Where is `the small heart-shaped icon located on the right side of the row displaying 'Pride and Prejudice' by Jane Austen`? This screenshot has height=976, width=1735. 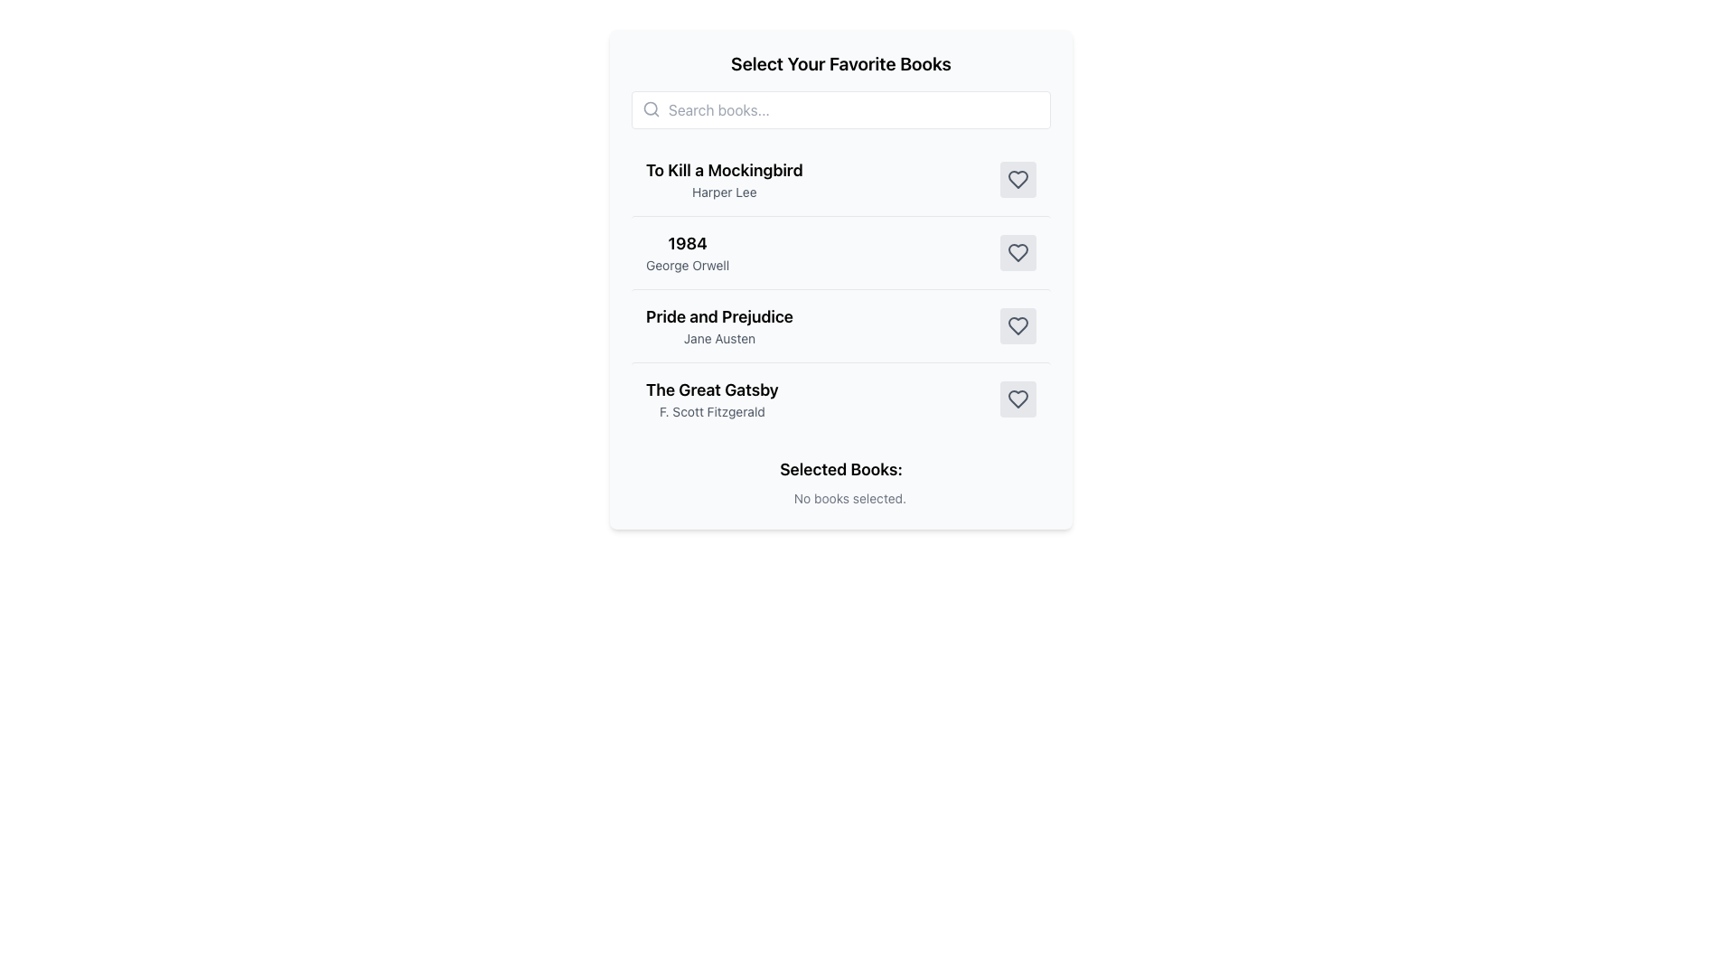
the small heart-shaped icon located on the right side of the row displaying 'Pride and Prejudice' by Jane Austen is located at coordinates (1018, 326).